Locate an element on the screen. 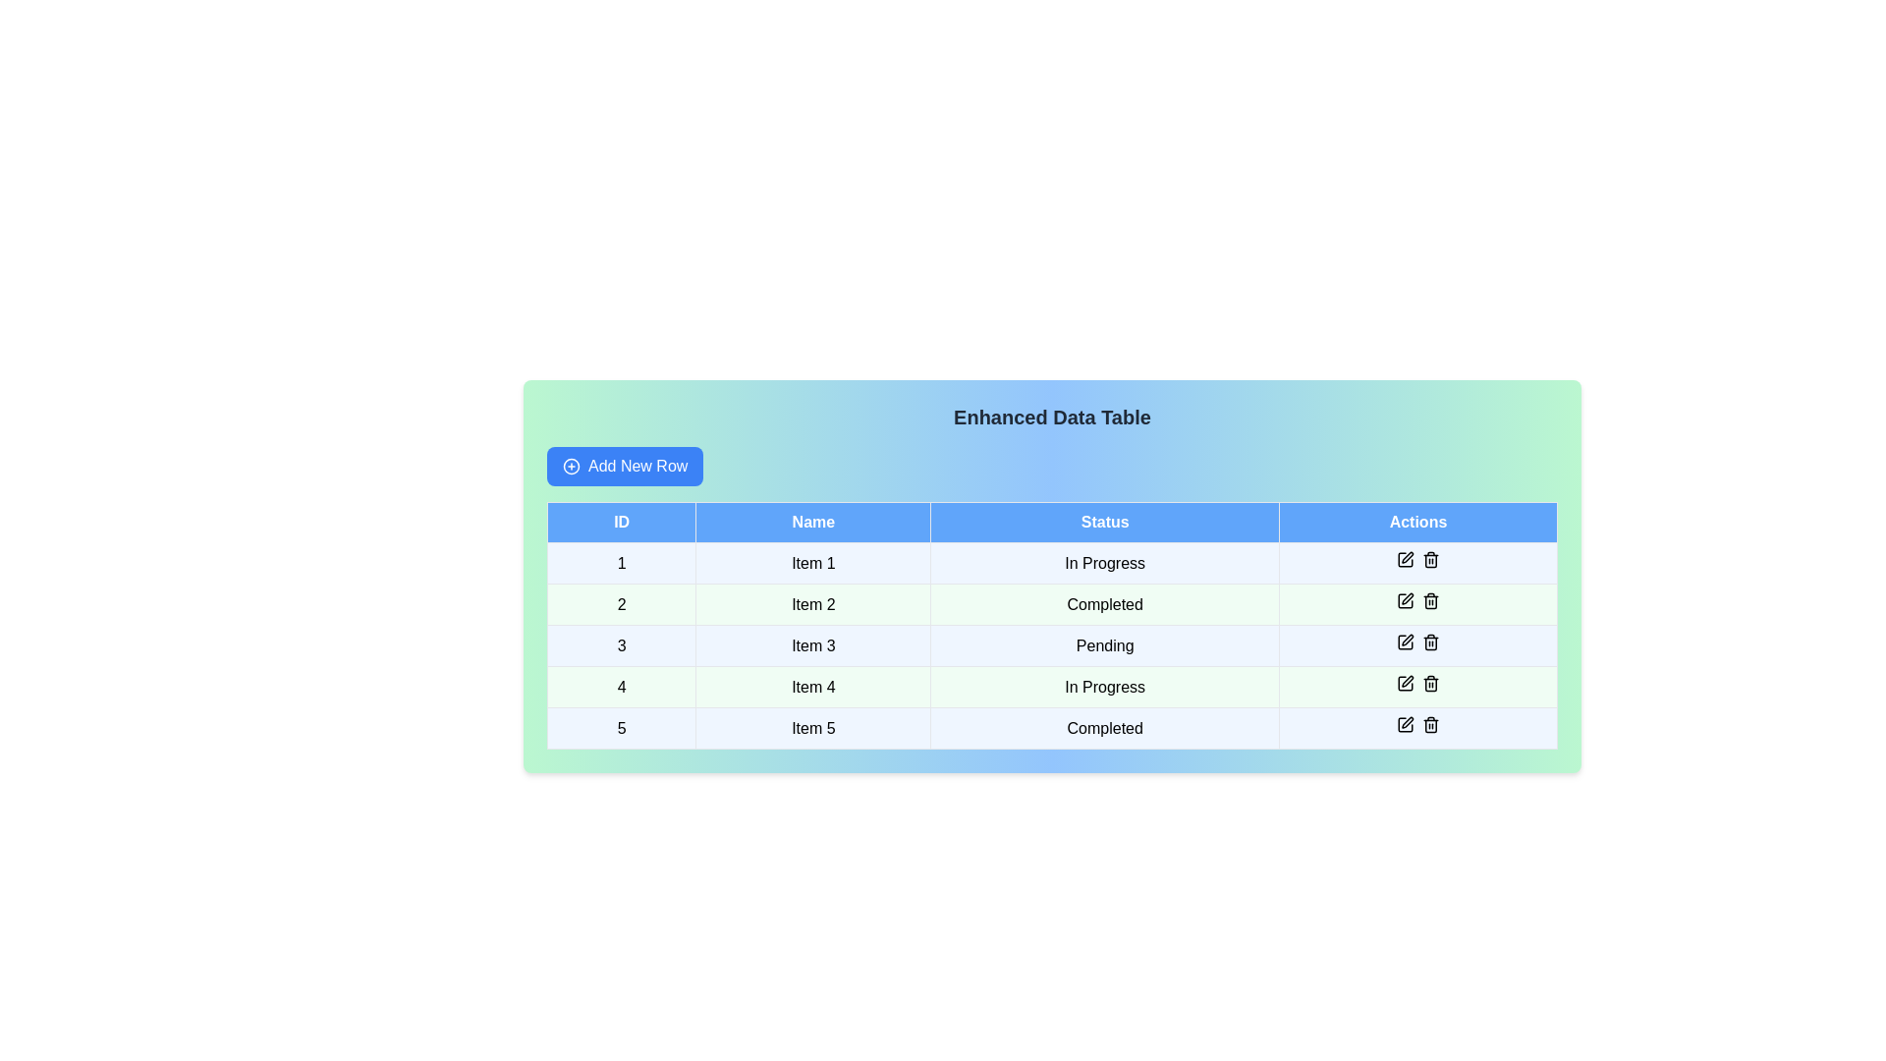 This screenshot has width=1886, height=1061. the table cell containing the text 'Item 3', which is is located at coordinates (813, 645).